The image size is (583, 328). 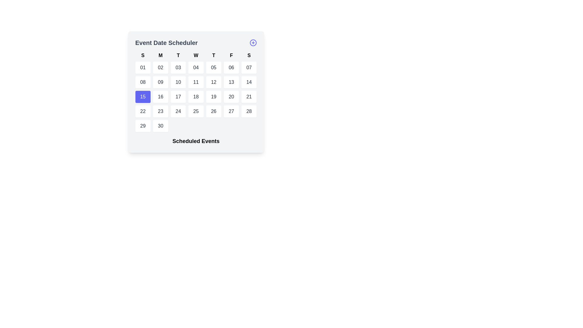 What do you see at coordinates (249, 97) in the screenshot?
I see `the button labeled '21' with a rounded outline and white background` at bounding box center [249, 97].